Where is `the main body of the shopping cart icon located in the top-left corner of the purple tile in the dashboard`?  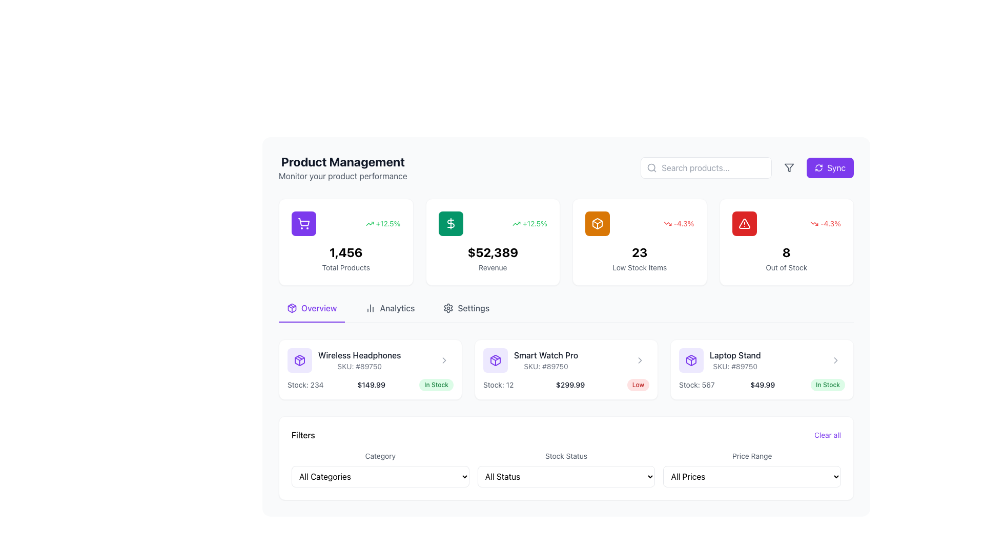
the main body of the shopping cart icon located in the top-left corner of the purple tile in the dashboard is located at coordinates (303, 222).